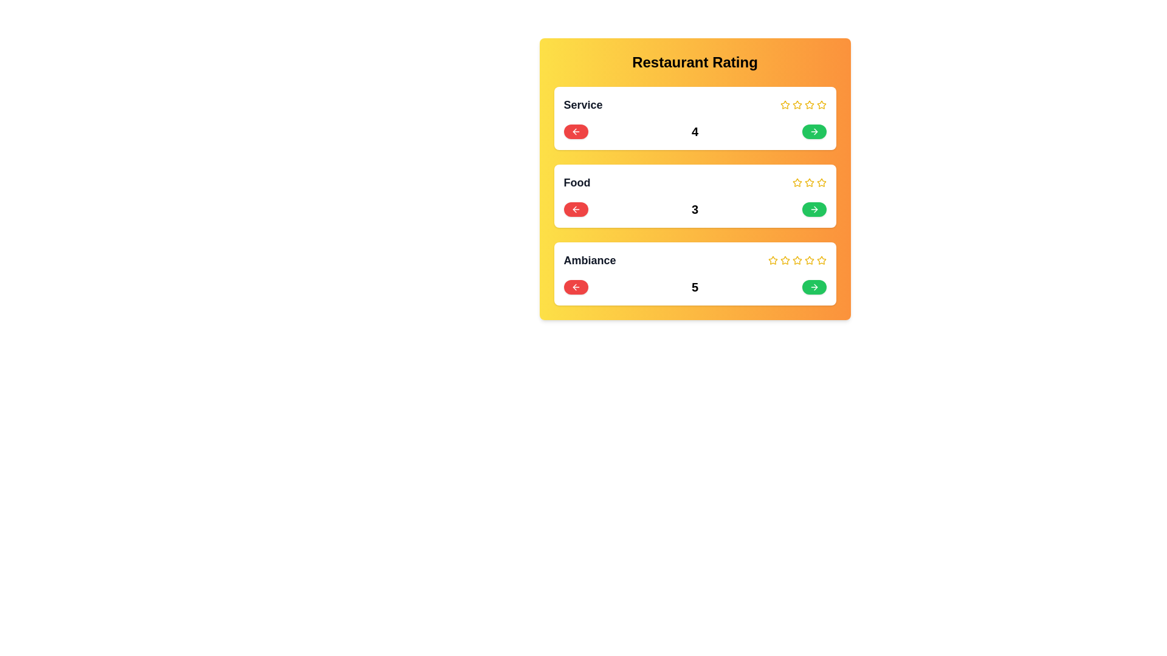 The width and height of the screenshot is (1167, 656). What do you see at coordinates (576, 182) in the screenshot?
I see `'Food' text label, which is a bold, medium-large black font located in the top-left part of the second card from the top, within a card layout with a gradient orange background` at bounding box center [576, 182].